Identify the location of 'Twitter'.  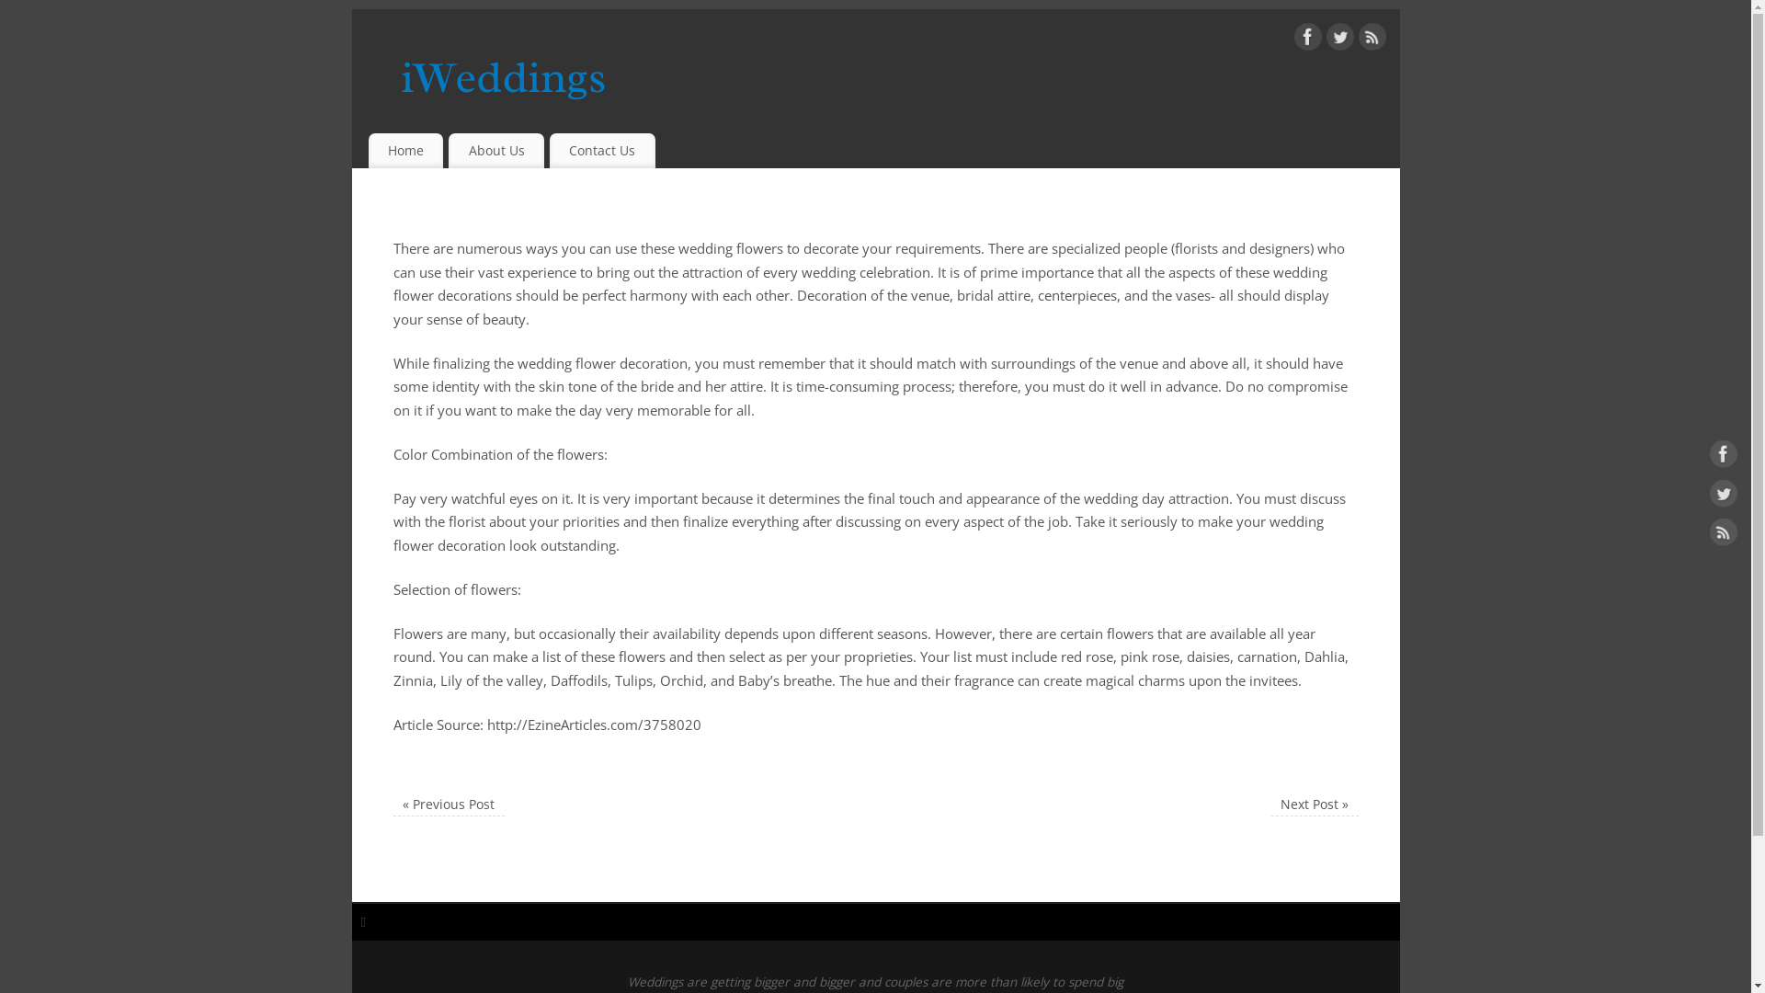
(1723, 496).